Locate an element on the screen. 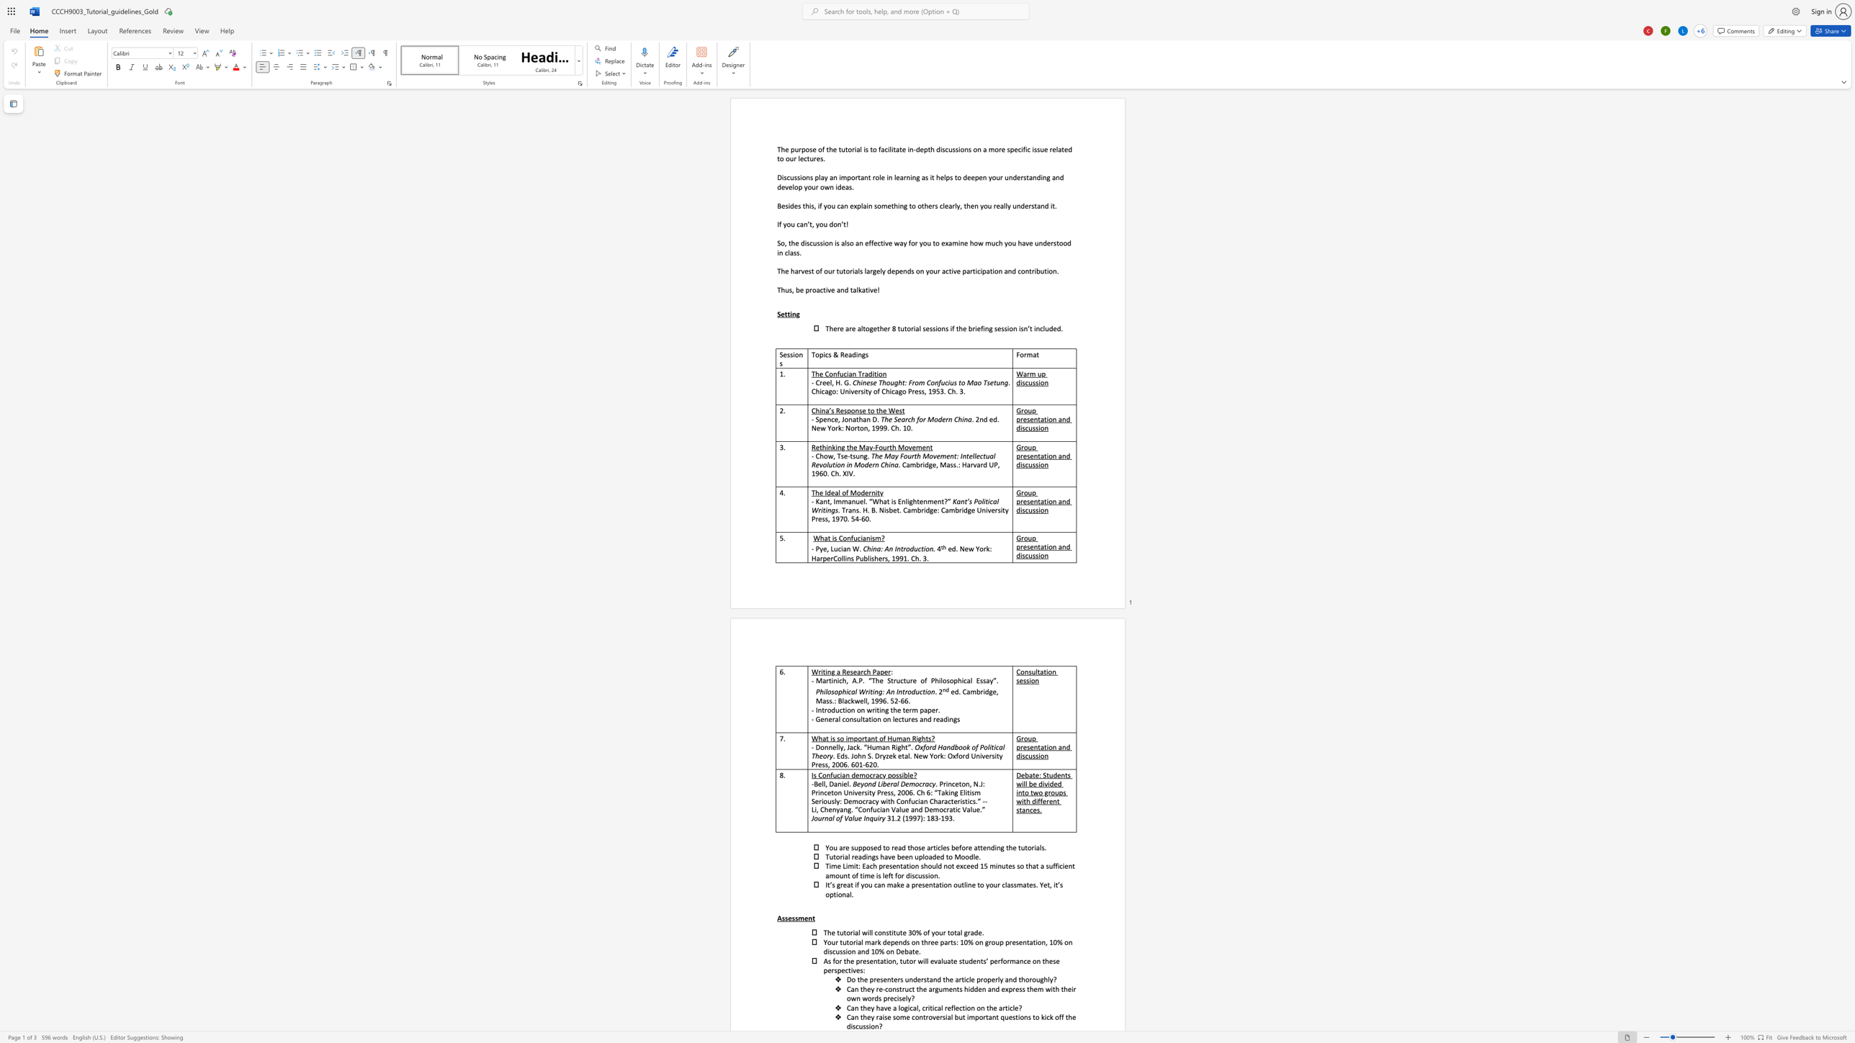  the space between the continuous character "a" and "c" in the text is located at coordinates (819, 289).